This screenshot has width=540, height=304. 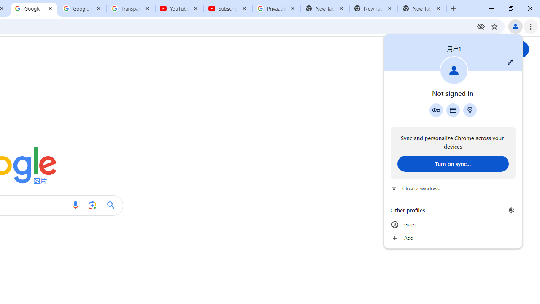 I want to click on 'Google Password Manager', so click(x=436, y=110).